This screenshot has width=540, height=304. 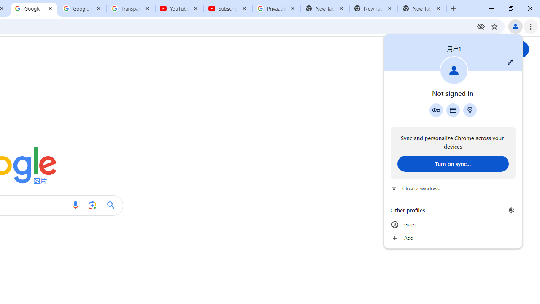 I want to click on 'Google Password Manager', so click(x=436, y=110).